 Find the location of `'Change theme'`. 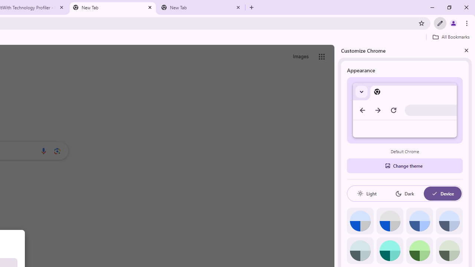

'Change theme' is located at coordinates (404, 165).